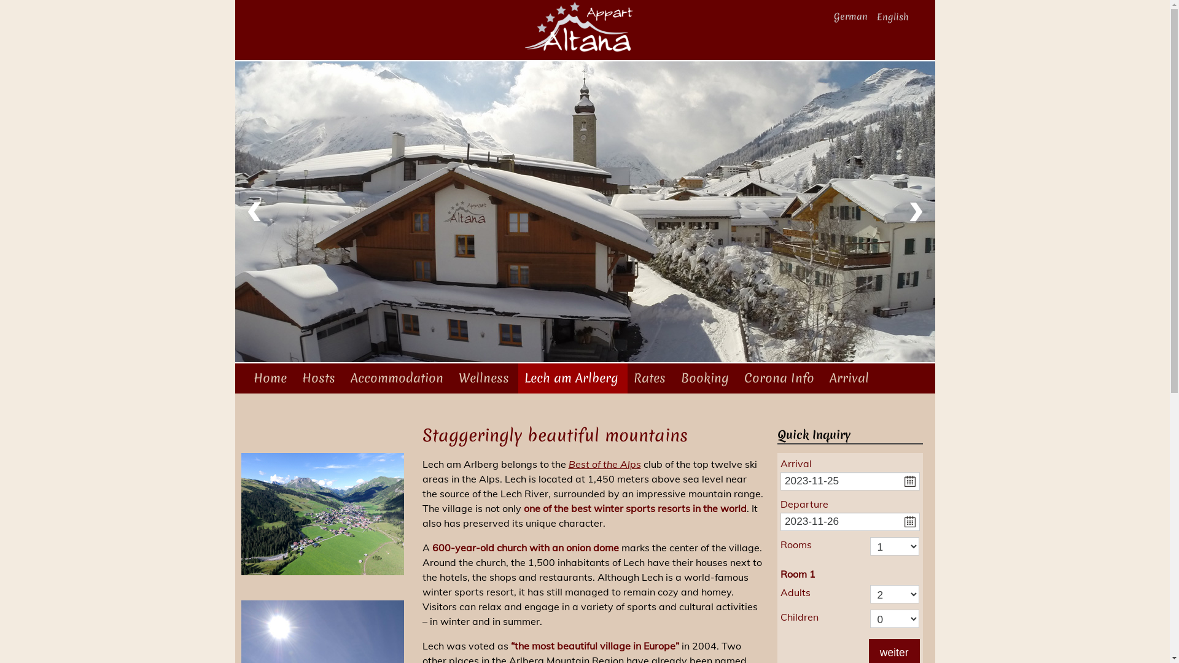  I want to click on 'Corona Info', so click(780, 378).